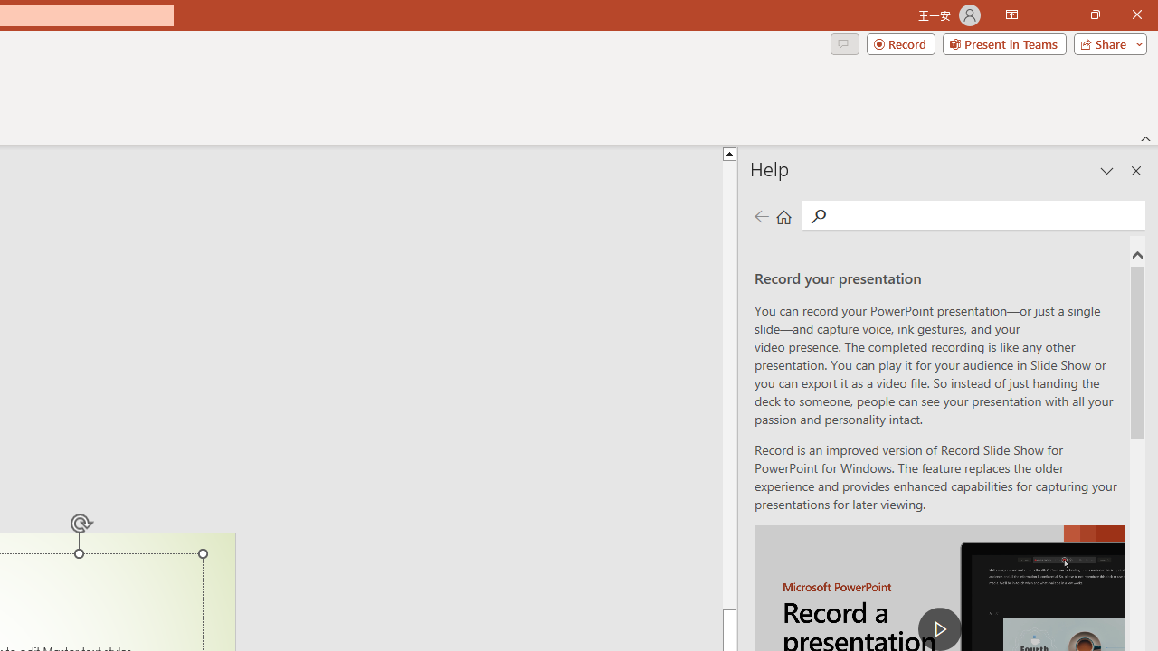 This screenshot has width=1158, height=651. Describe the element at coordinates (900, 42) in the screenshot. I see `'Record'` at that location.